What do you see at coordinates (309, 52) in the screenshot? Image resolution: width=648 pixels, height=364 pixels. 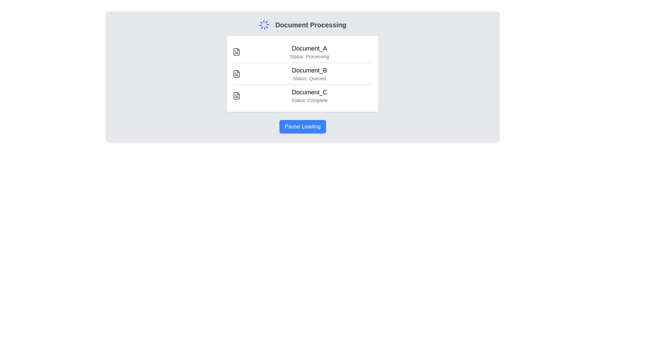 I see `the text block displaying 'Document_A' with the status 'Status: Processing', which is the first entry in a vertically arranged list beneath the 'Document Processing' heading` at bounding box center [309, 52].